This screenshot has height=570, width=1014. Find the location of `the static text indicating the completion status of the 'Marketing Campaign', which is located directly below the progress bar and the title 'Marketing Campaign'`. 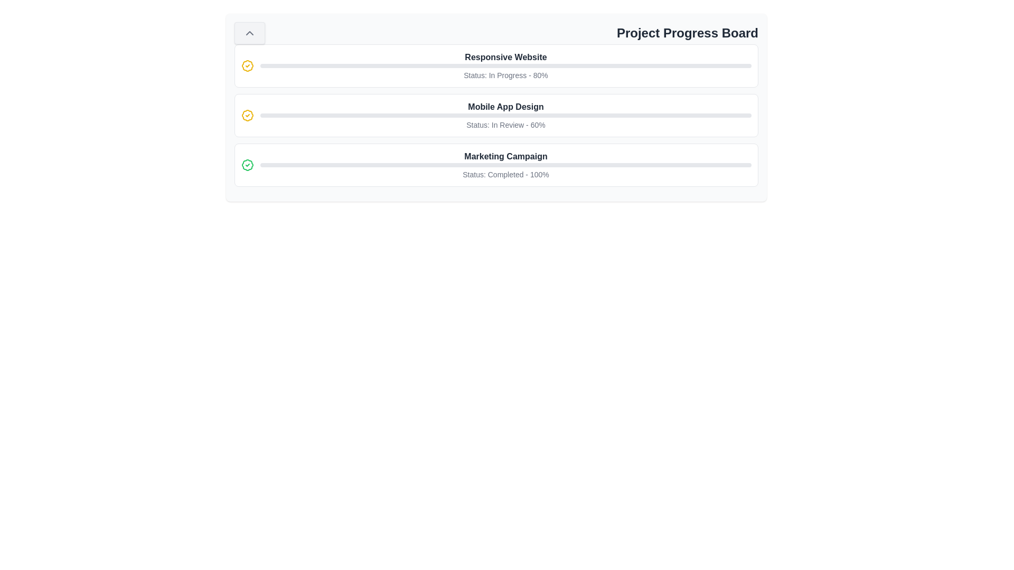

the static text indicating the completion status of the 'Marketing Campaign', which is located directly below the progress bar and the title 'Marketing Campaign' is located at coordinates (505, 174).